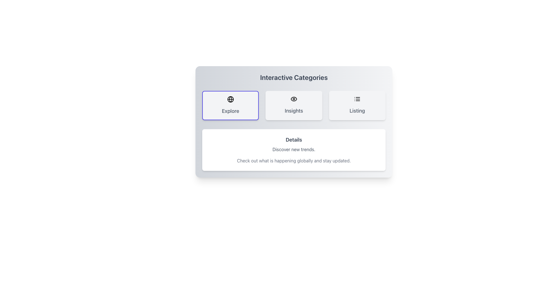  What do you see at coordinates (294, 105) in the screenshot?
I see `the section labeled 'Insights' in the Navigation menu located below the title 'Interactive Categories'` at bounding box center [294, 105].